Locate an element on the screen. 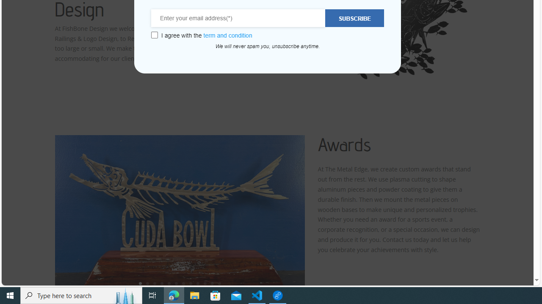 Image resolution: width=542 pixels, height=304 pixels. 'Enter your email address(*)' is located at coordinates (238, 18).